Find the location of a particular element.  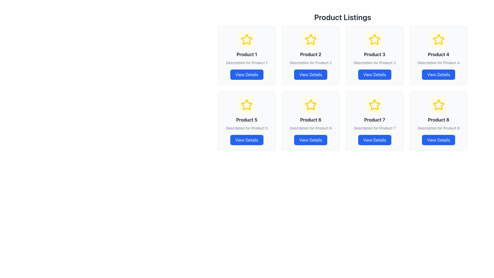

the yellow outlined star icon with rounded edges located in the top row, third column of the grid under 'Product Listings' is located at coordinates (375, 39).